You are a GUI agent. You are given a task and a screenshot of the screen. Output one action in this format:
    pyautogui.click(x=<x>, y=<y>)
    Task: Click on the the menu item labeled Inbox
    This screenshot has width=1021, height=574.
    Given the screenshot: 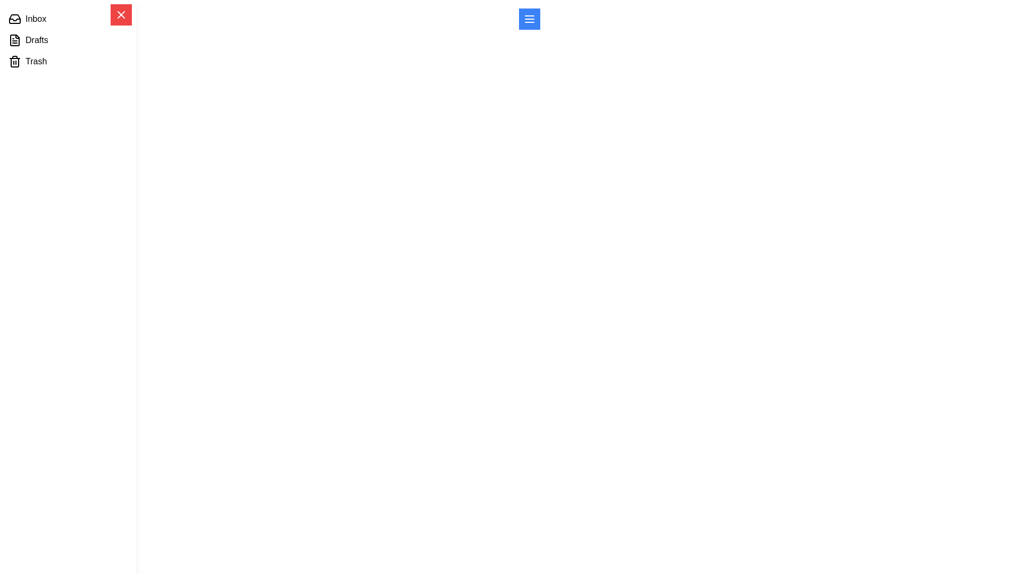 What is the action you would take?
    pyautogui.click(x=68, y=19)
    